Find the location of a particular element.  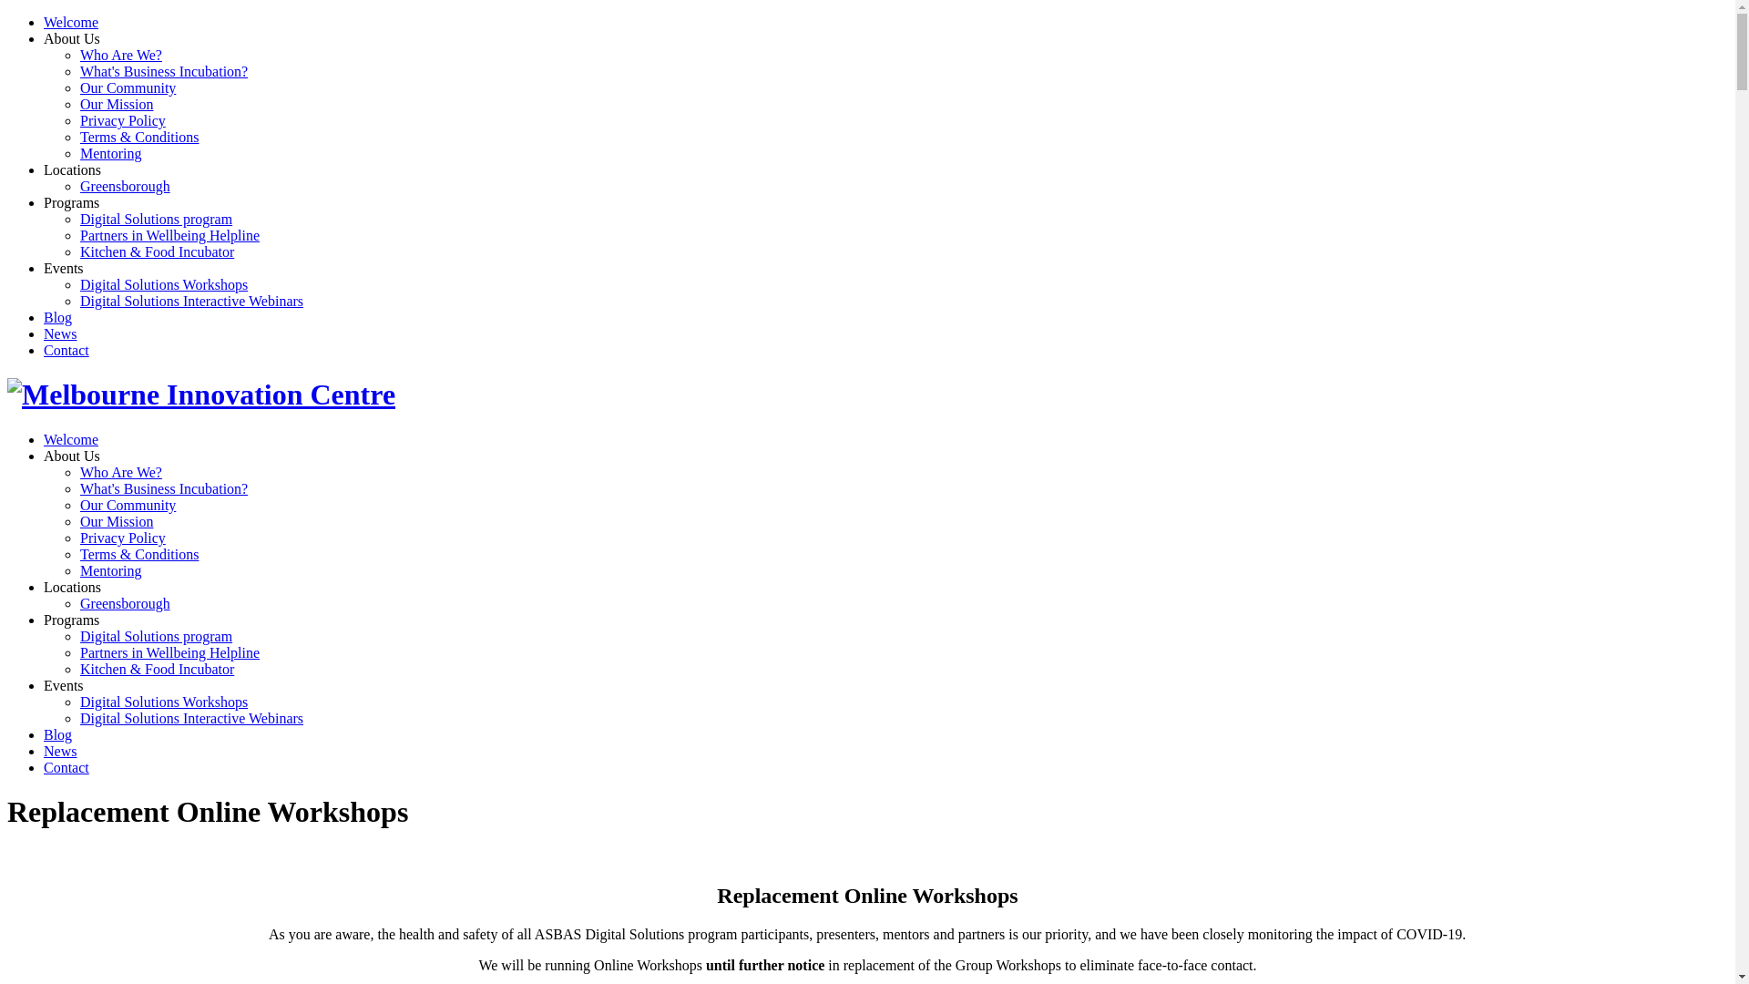

'Digital Solutions Interactive Webinars' is located at coordinates (191, 717).